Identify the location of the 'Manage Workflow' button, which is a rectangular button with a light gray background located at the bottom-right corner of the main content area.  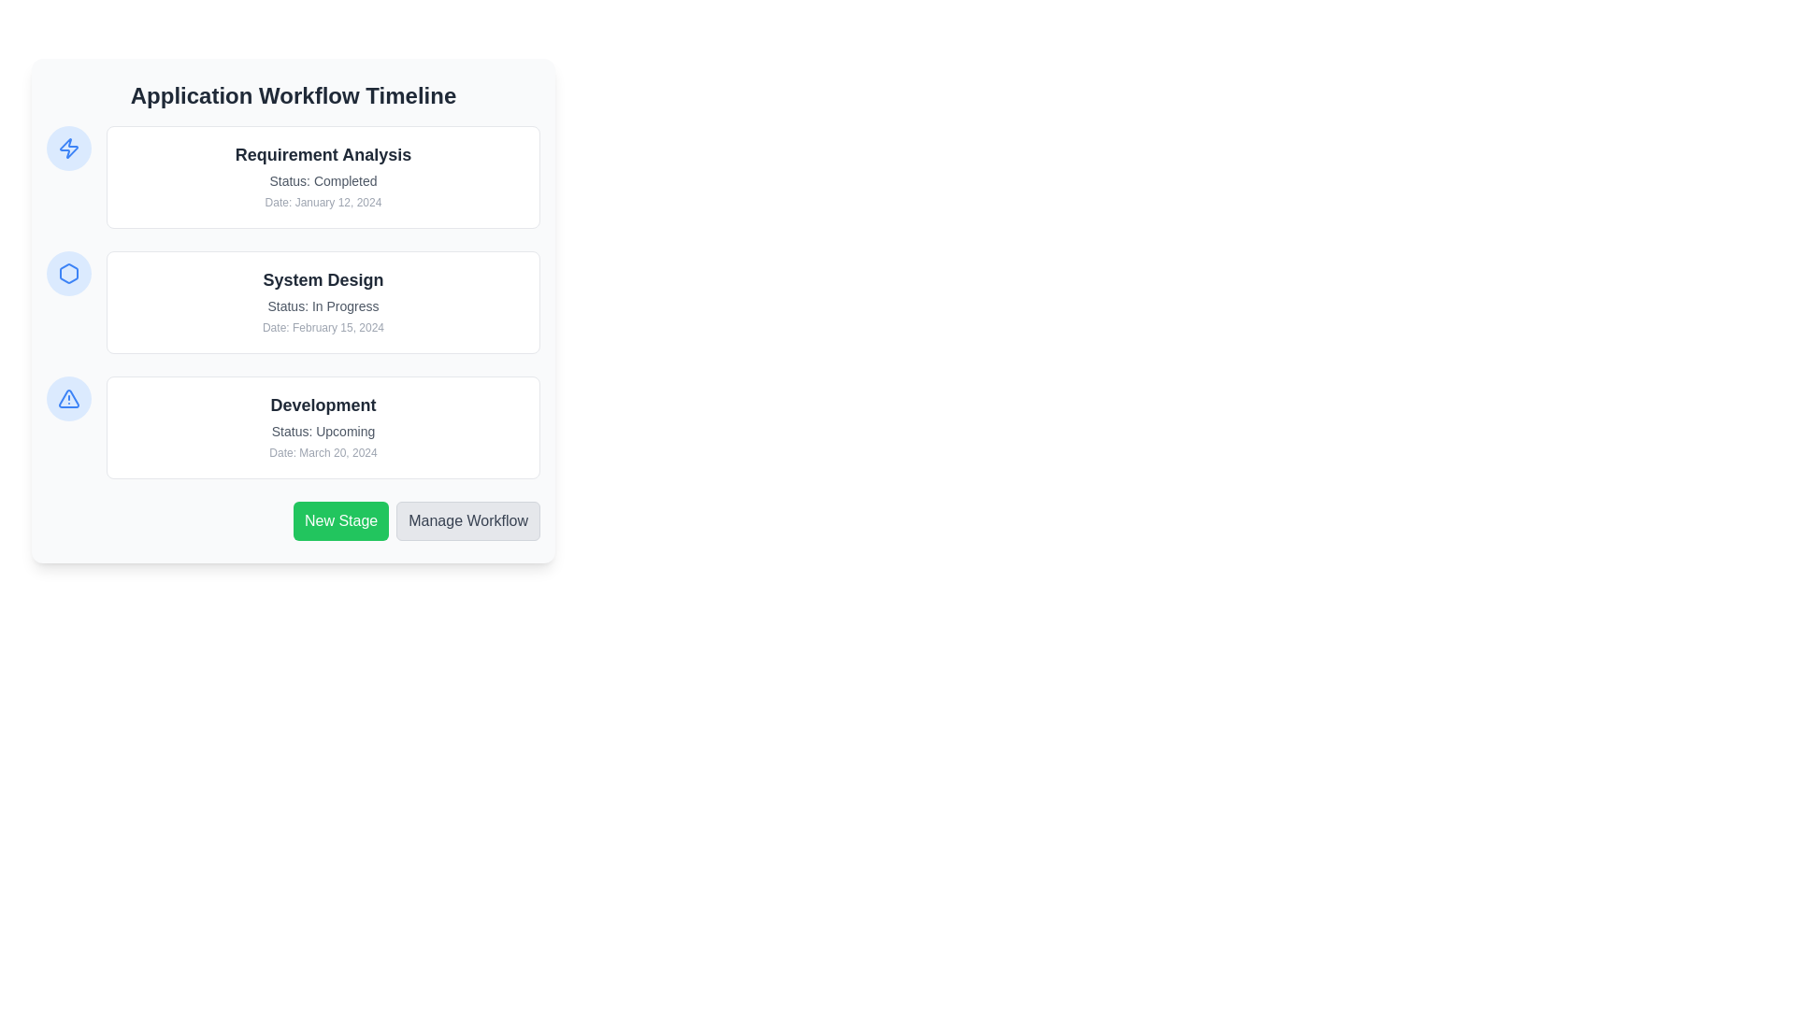
(468, 521).